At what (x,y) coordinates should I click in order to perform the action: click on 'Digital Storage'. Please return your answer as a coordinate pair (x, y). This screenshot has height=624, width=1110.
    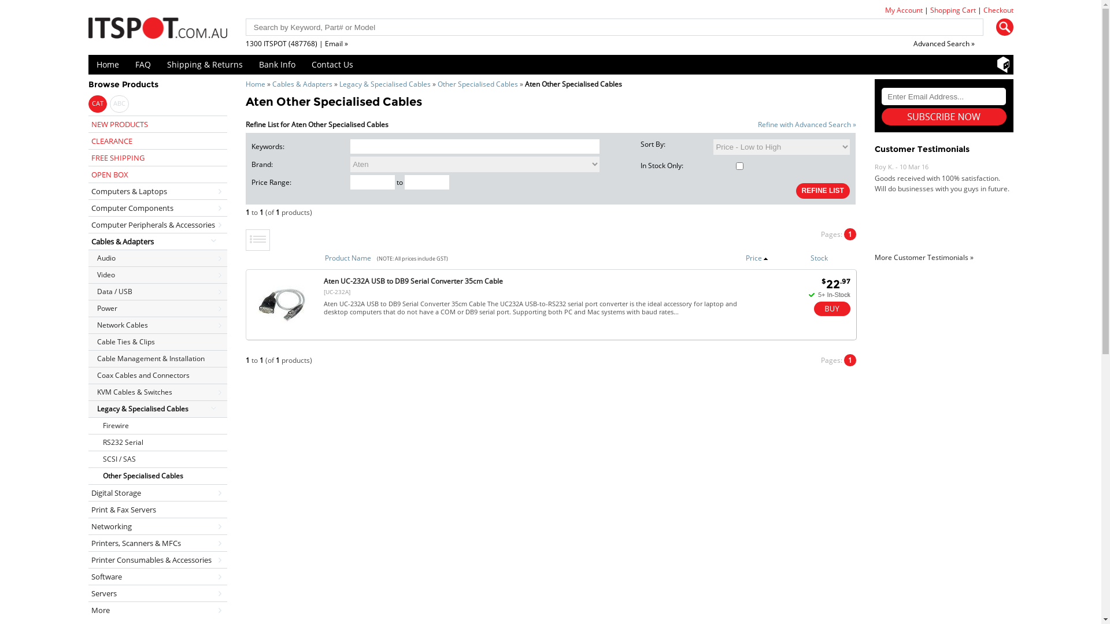
    Looking at the image, I should click on (157, 492).